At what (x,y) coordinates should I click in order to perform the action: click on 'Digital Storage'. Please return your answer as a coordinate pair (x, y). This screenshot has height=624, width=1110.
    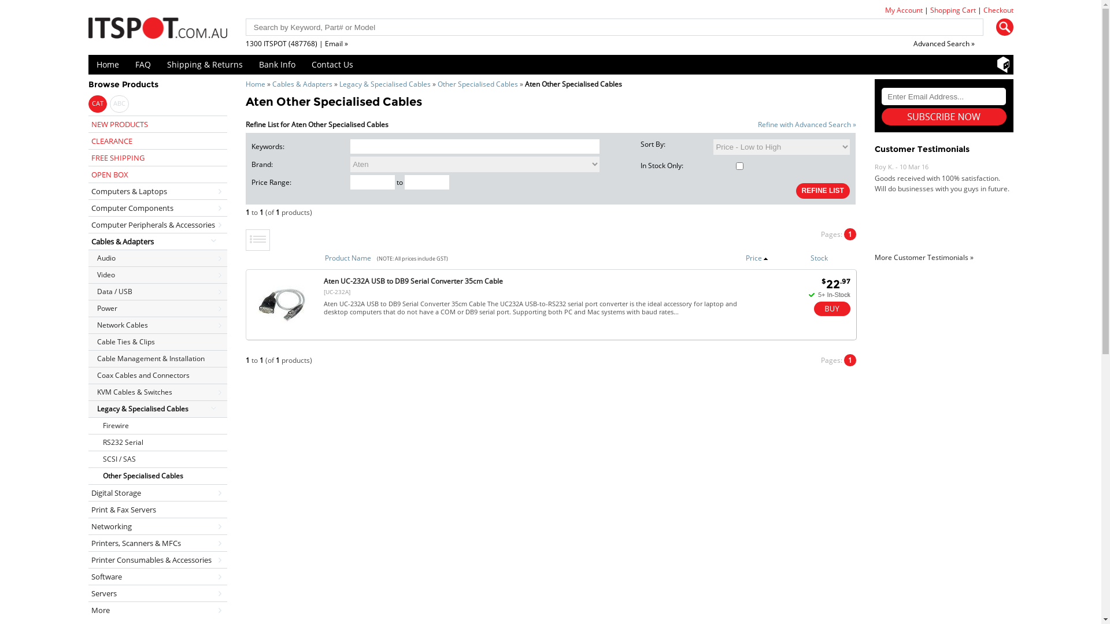
    Looking at the image, I should click on (157, 492).